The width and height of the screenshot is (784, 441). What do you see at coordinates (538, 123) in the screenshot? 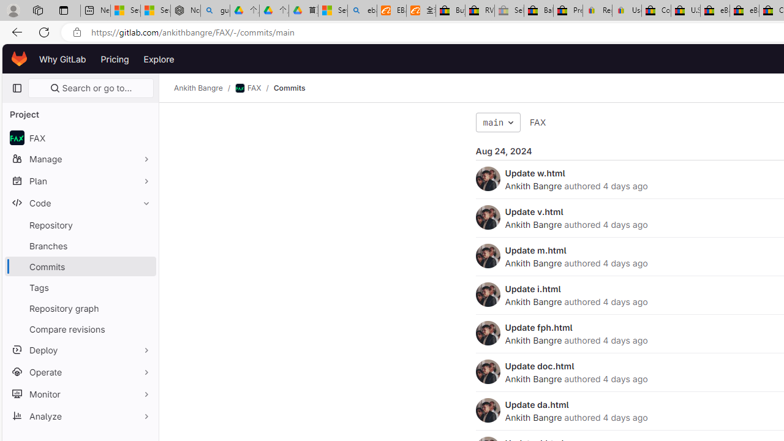
I see `'FAX'` at bounding box center [538, 123].